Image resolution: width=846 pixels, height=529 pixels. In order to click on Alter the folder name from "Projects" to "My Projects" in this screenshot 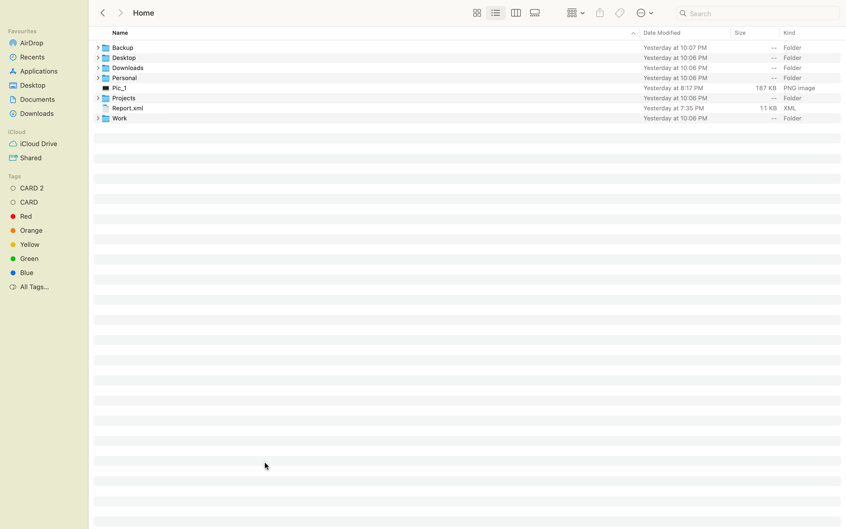, I will do `click(474, 98)`.